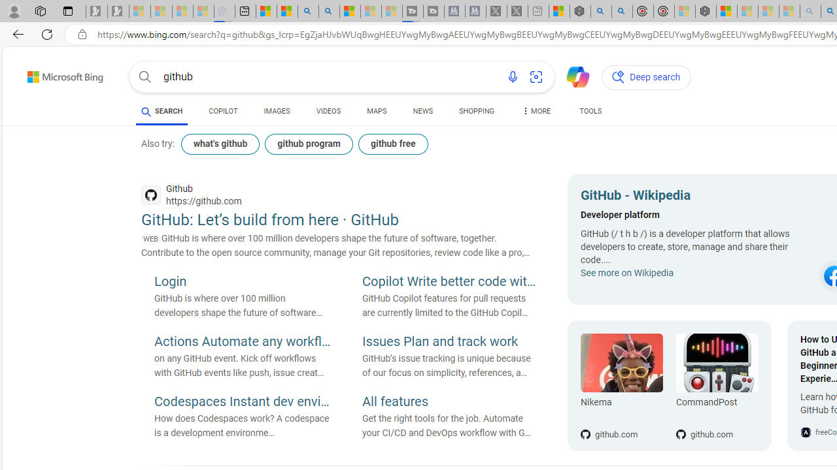 This screenshot has width=837, height=470. I want to click on 'IMAGES', so click(276, 112).